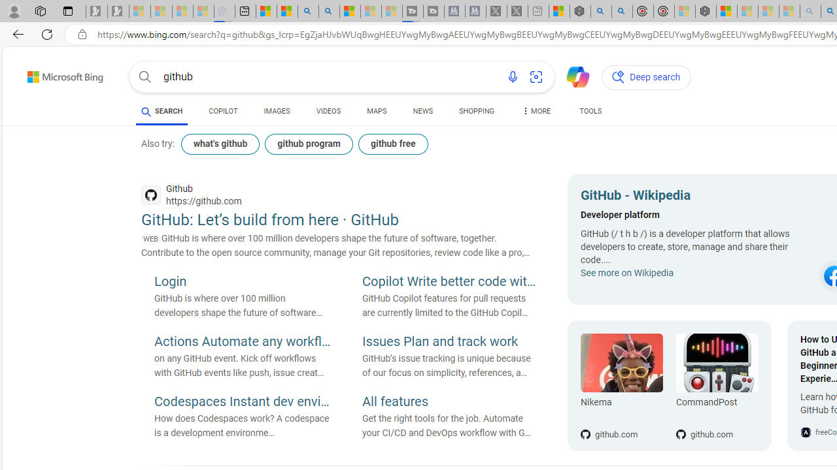 This screenshot has width=837, height=470. I want to click on 'IMAGES', so click(276, 112).